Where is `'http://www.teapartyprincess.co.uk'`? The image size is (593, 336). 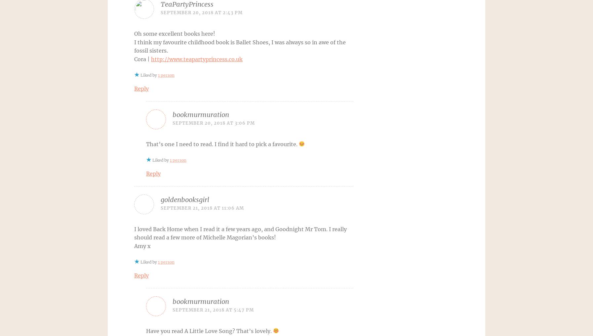
'http://www.teapartyprincess.co.uk' is located at coordinates (151, 59).